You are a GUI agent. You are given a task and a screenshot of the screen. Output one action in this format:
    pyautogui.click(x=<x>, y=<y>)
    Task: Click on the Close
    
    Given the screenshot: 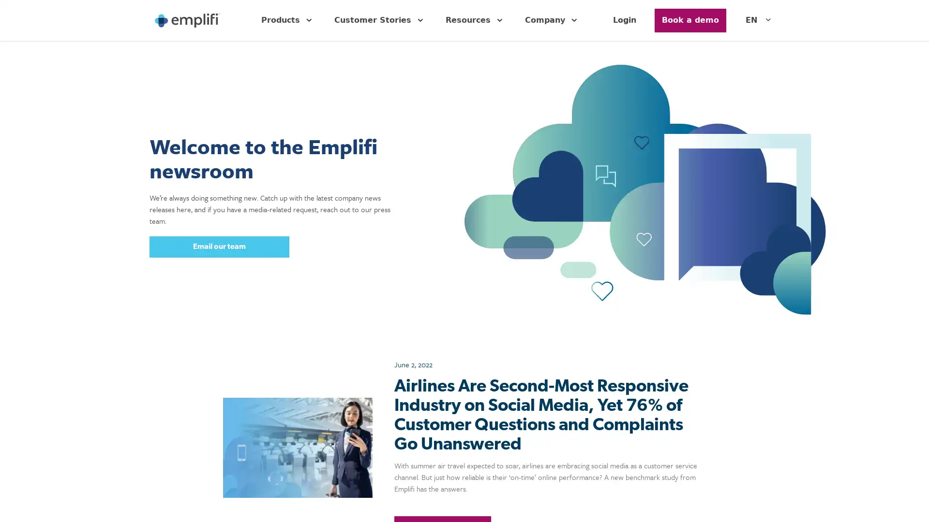 What is the action you would take?
    pyautogui.click(x=913, y=500)
    